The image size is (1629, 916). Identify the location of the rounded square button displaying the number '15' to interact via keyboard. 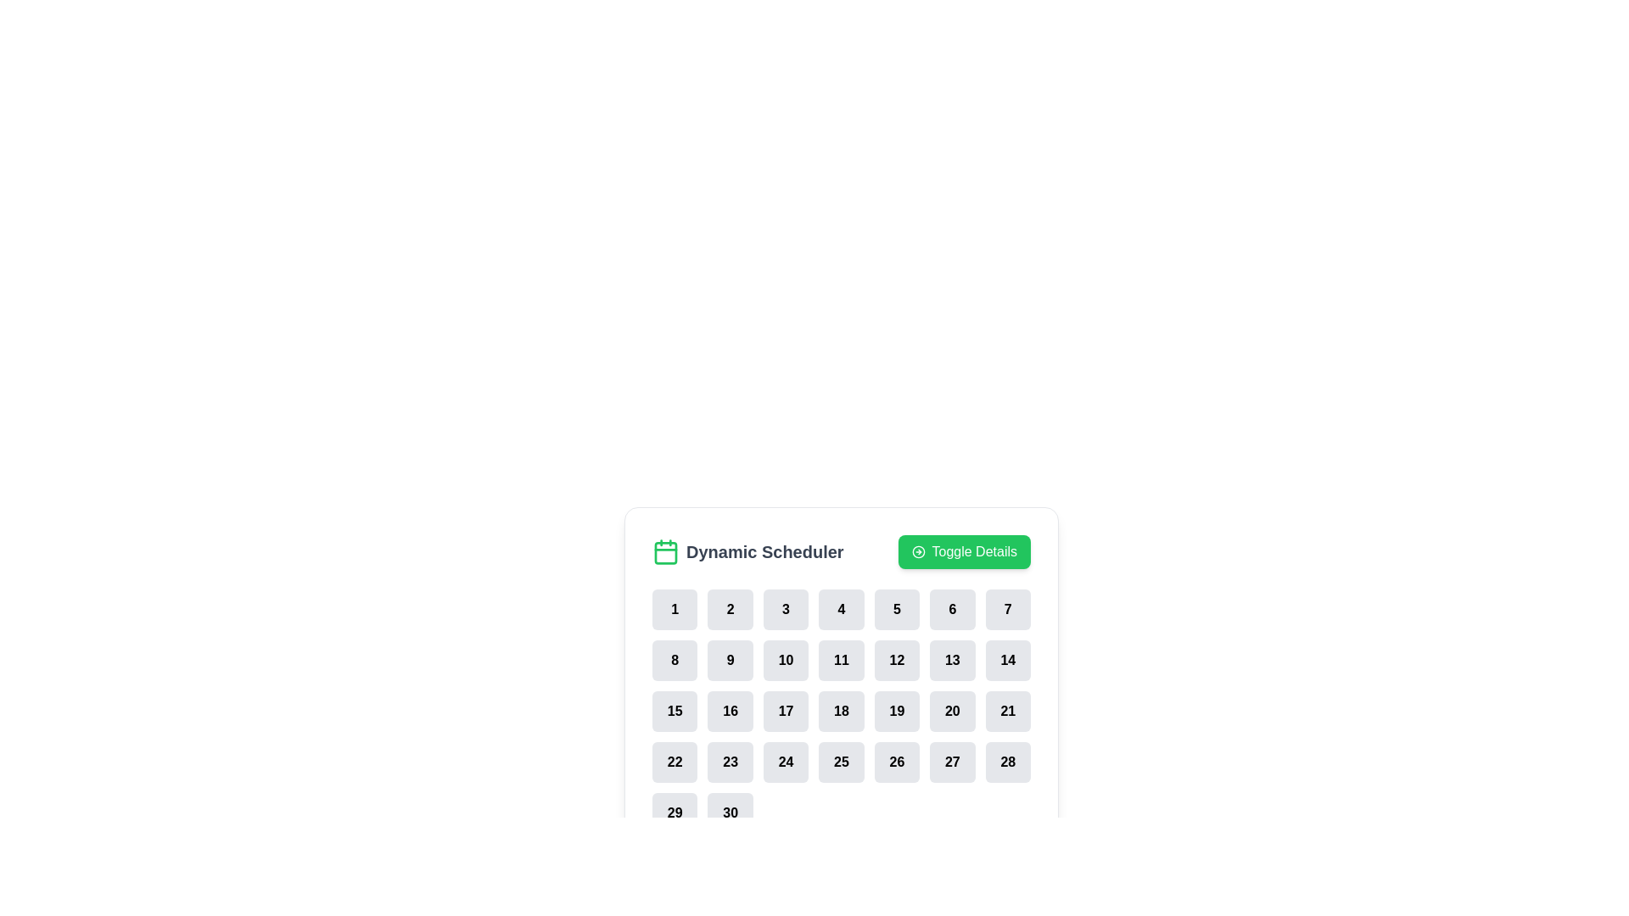
(674, 712).